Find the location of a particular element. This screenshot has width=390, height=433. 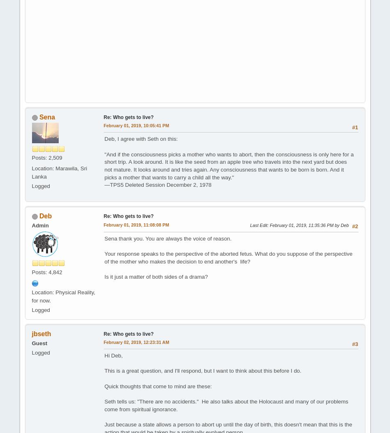

'February 02, 2019, 12:23:31 AM' is located at coordinates (136, 342).